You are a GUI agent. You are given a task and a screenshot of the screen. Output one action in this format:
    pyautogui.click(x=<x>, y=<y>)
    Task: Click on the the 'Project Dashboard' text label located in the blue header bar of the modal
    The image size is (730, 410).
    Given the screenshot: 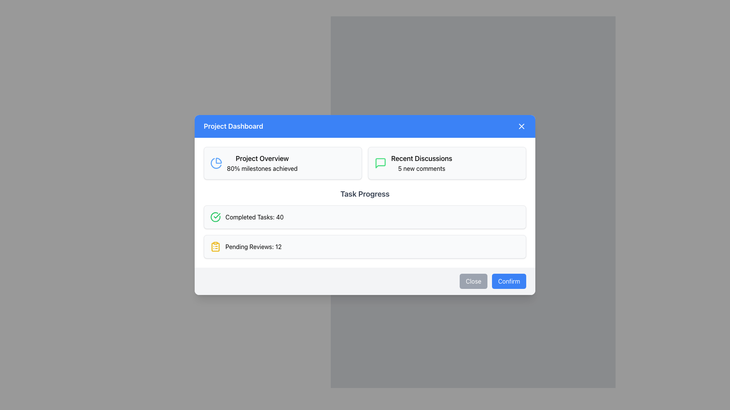 What is the action you would take?
    pyautogui.click(x=233, y=126)
    